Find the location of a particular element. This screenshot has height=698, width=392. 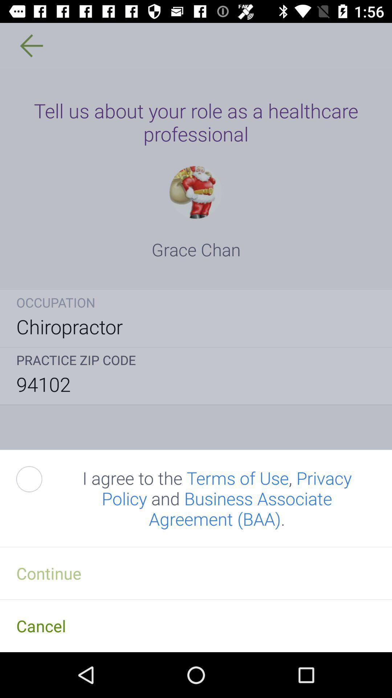

the icon to the left of i agree to item is located at coordinates (37, 479).